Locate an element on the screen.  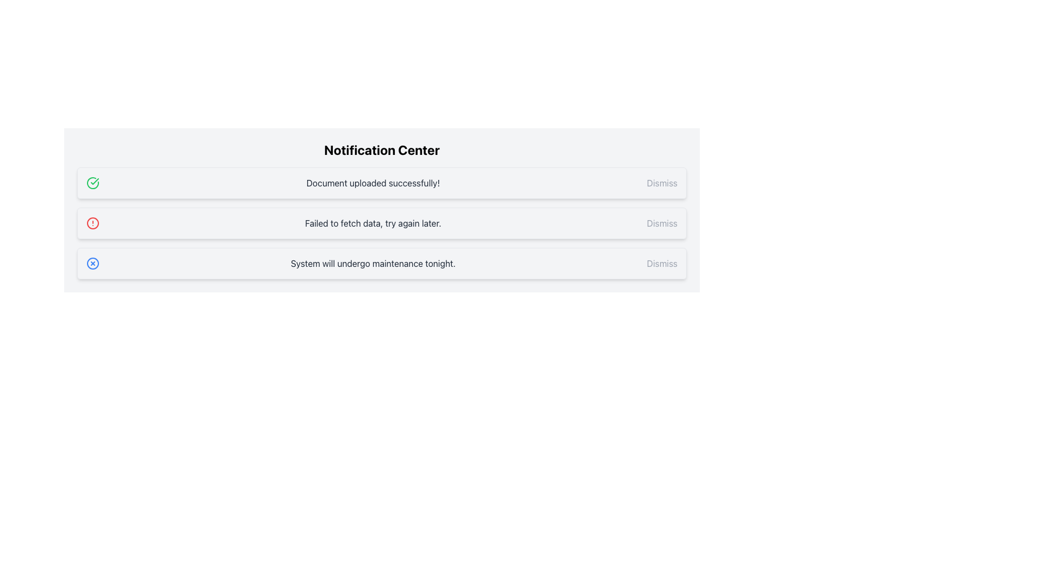
the 'Dismiss' button, which is a text button with a gray font that changes to red on hover, located at the far-right side of the notification row is located at coordinates (661, 264).